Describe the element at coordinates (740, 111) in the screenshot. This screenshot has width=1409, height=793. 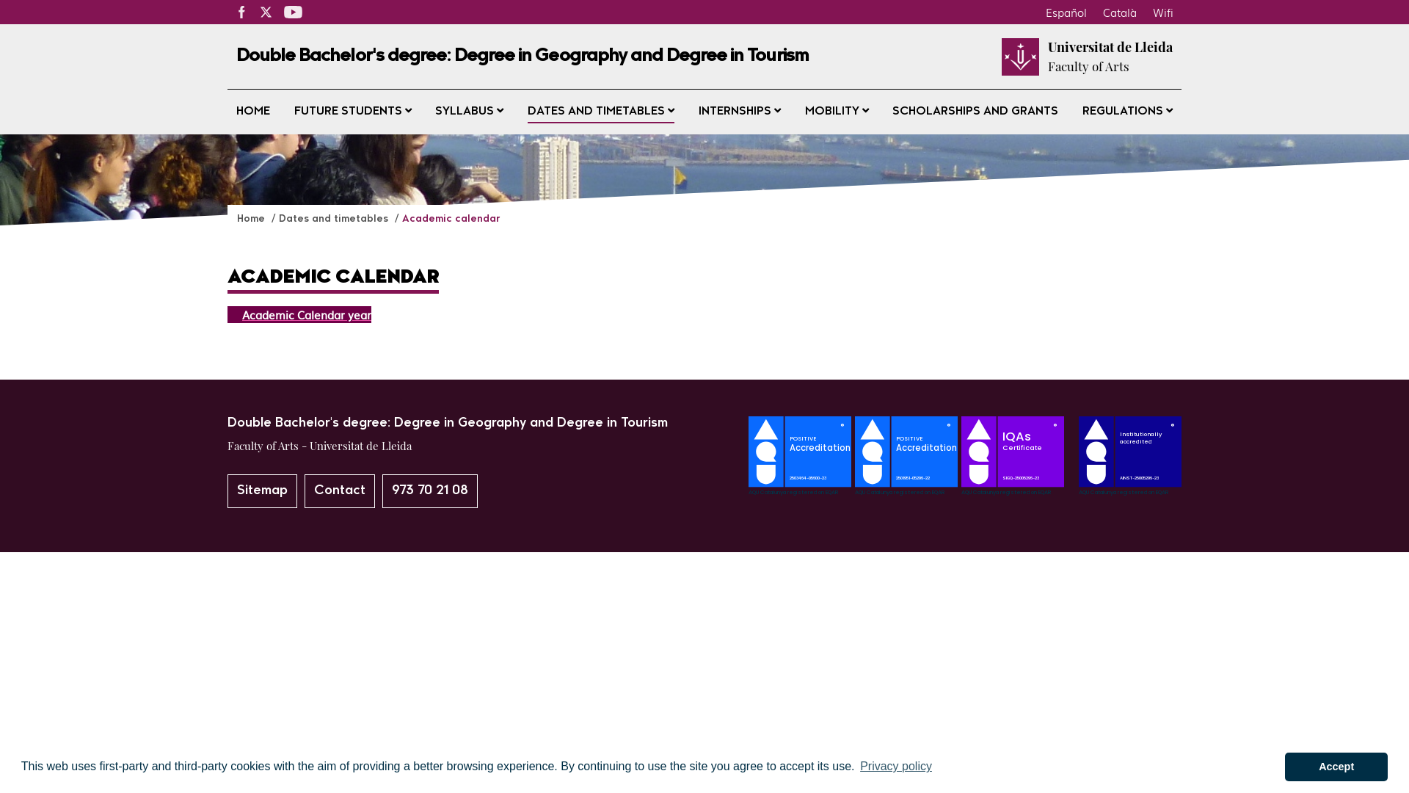
I see `'INTERNSHIPS'` at that location.